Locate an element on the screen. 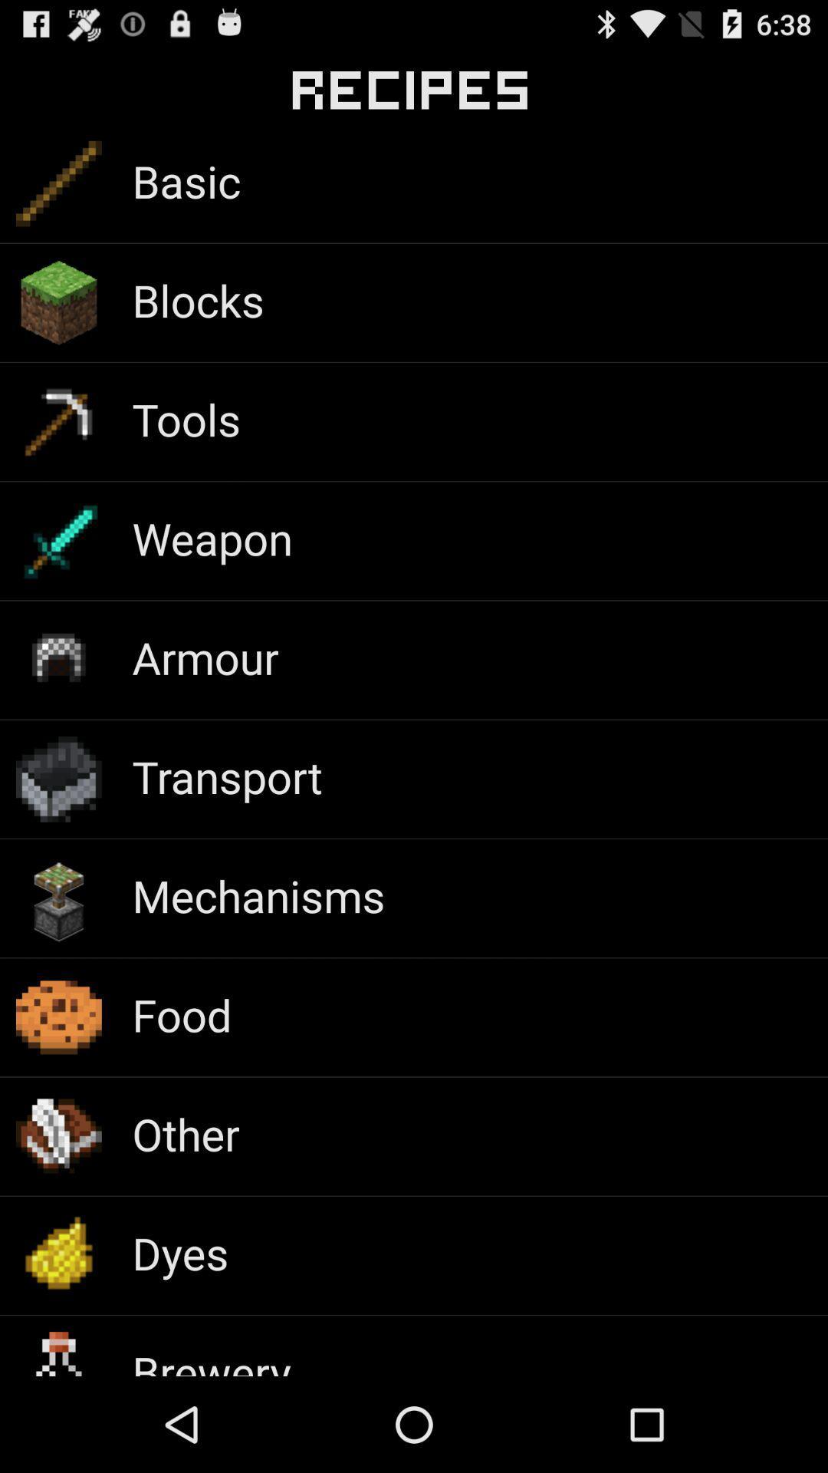 The image size is (828, 1473). item below the weapon app is located at coordinates (205, 657).